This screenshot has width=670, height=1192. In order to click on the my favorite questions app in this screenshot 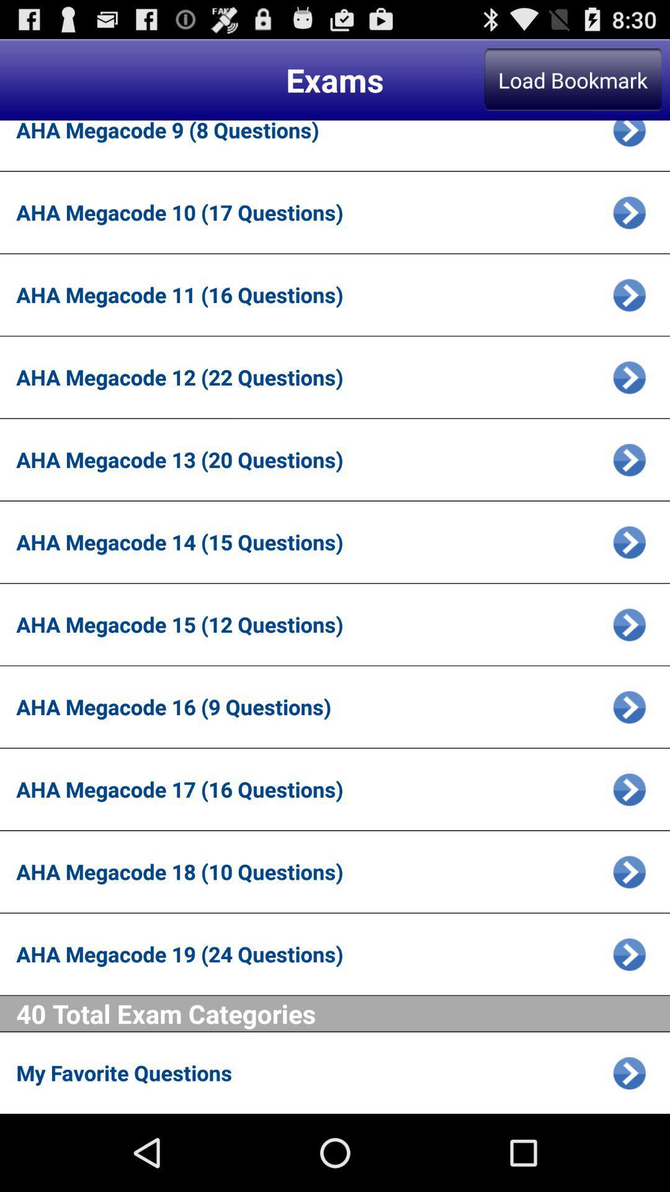, I will do `click(310, 1072)`.